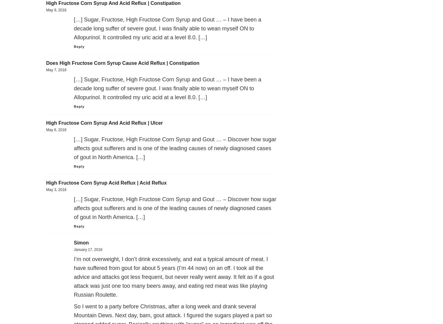 This screenshot has height=324, width=443. Describe the element at coordinates (122, 63) in the screenshot. I see `'Does High Fructose Corn Syrup Cause Acid Reflux | Constipation'` at that location.